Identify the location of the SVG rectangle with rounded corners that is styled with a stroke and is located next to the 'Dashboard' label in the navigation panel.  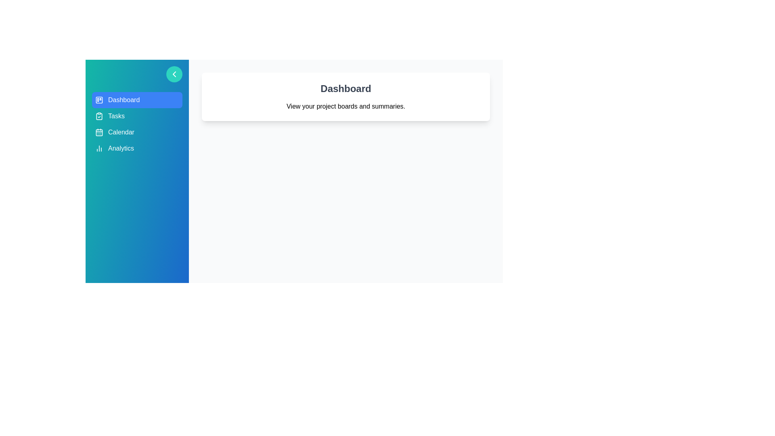
(98, 99).